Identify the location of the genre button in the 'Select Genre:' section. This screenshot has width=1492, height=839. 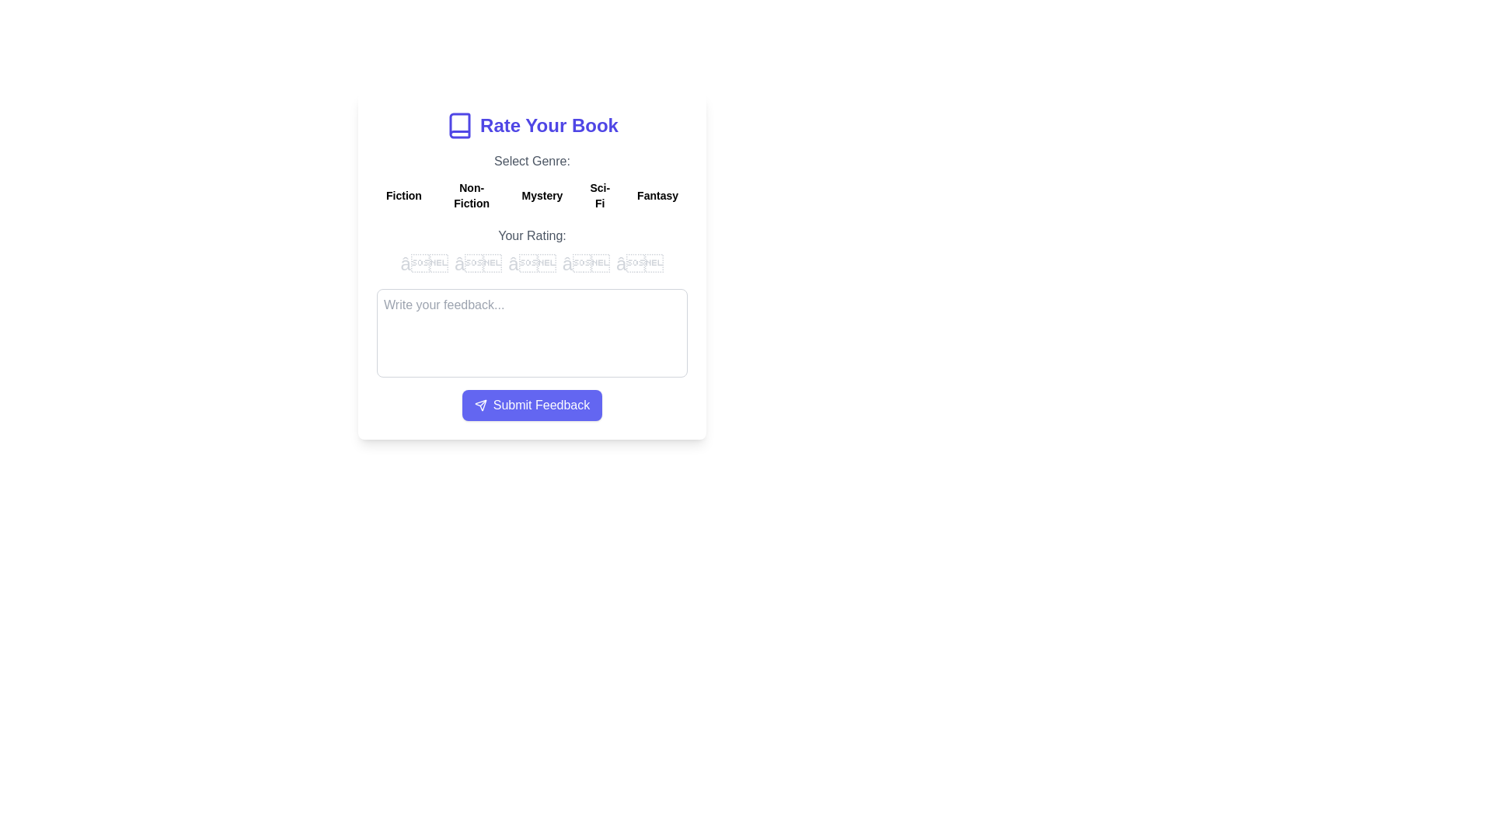
(532, 182).